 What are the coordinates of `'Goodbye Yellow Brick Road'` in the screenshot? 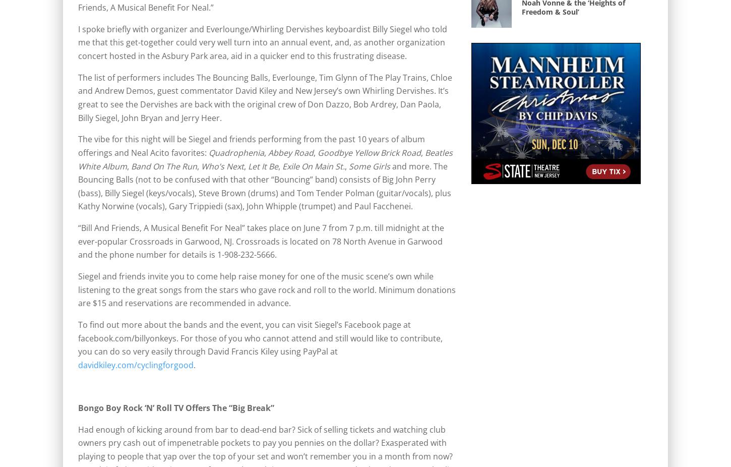 It's located at (368, 152).